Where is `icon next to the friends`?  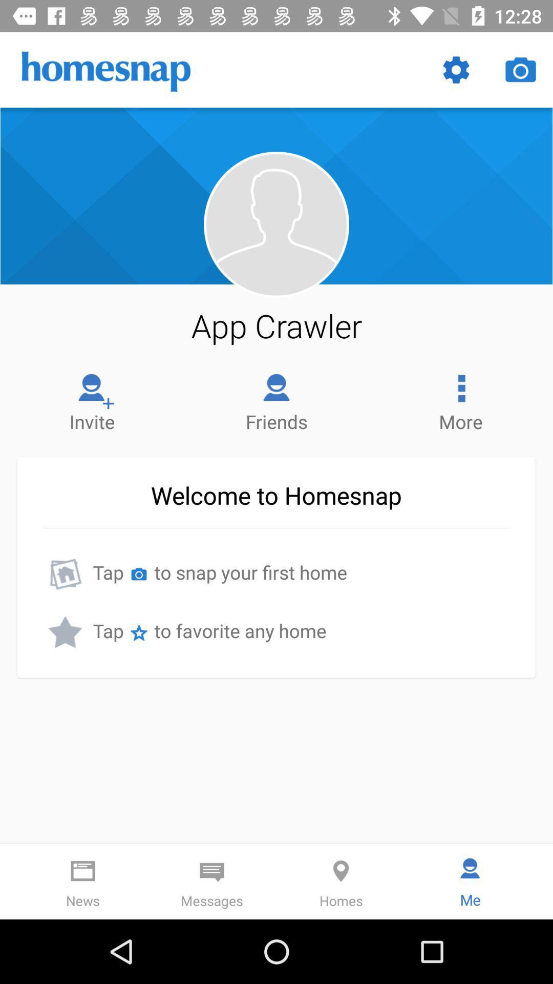 icon next to the friends is located at coordinates (460, 399).